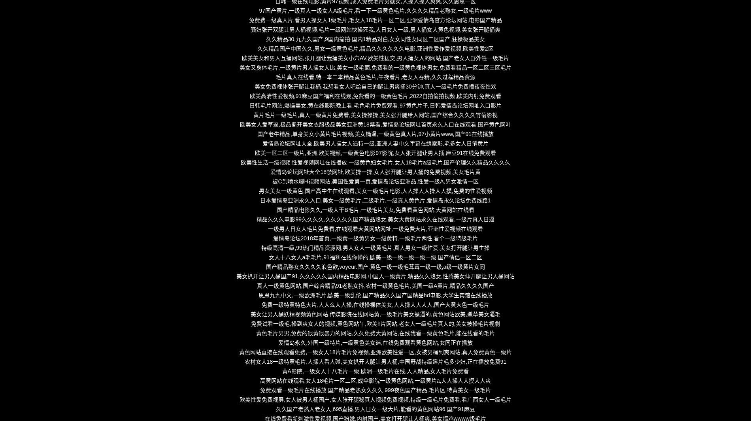 This screenshot has height=421, width=751. Describe the element at coordinates (375, 371) in the screenshot. I see `'黄A影院,一级女人十八毛片一级,欧洲一级毛片在线,人人精品,女人毛片免费看'` at that location.